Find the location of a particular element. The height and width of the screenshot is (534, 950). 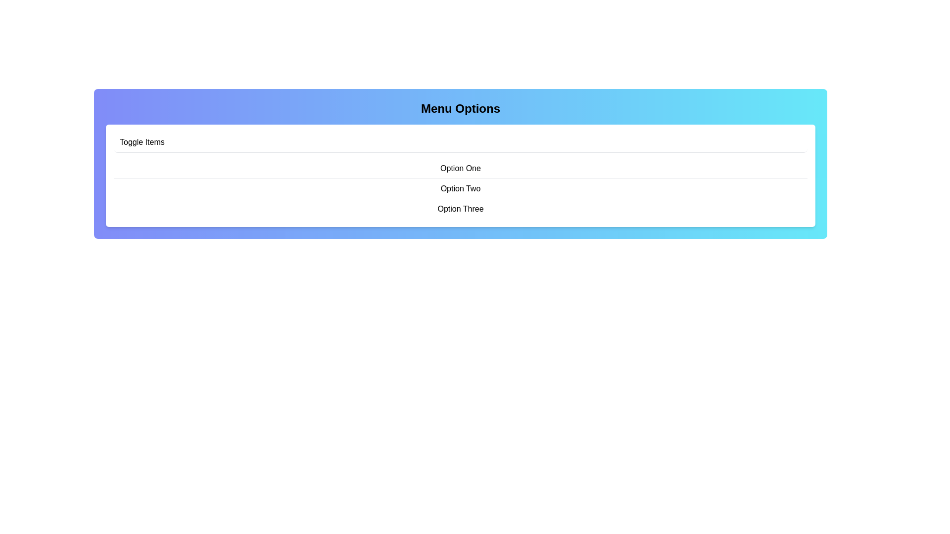

the menu option Option One is located at coordinates (460, 168).